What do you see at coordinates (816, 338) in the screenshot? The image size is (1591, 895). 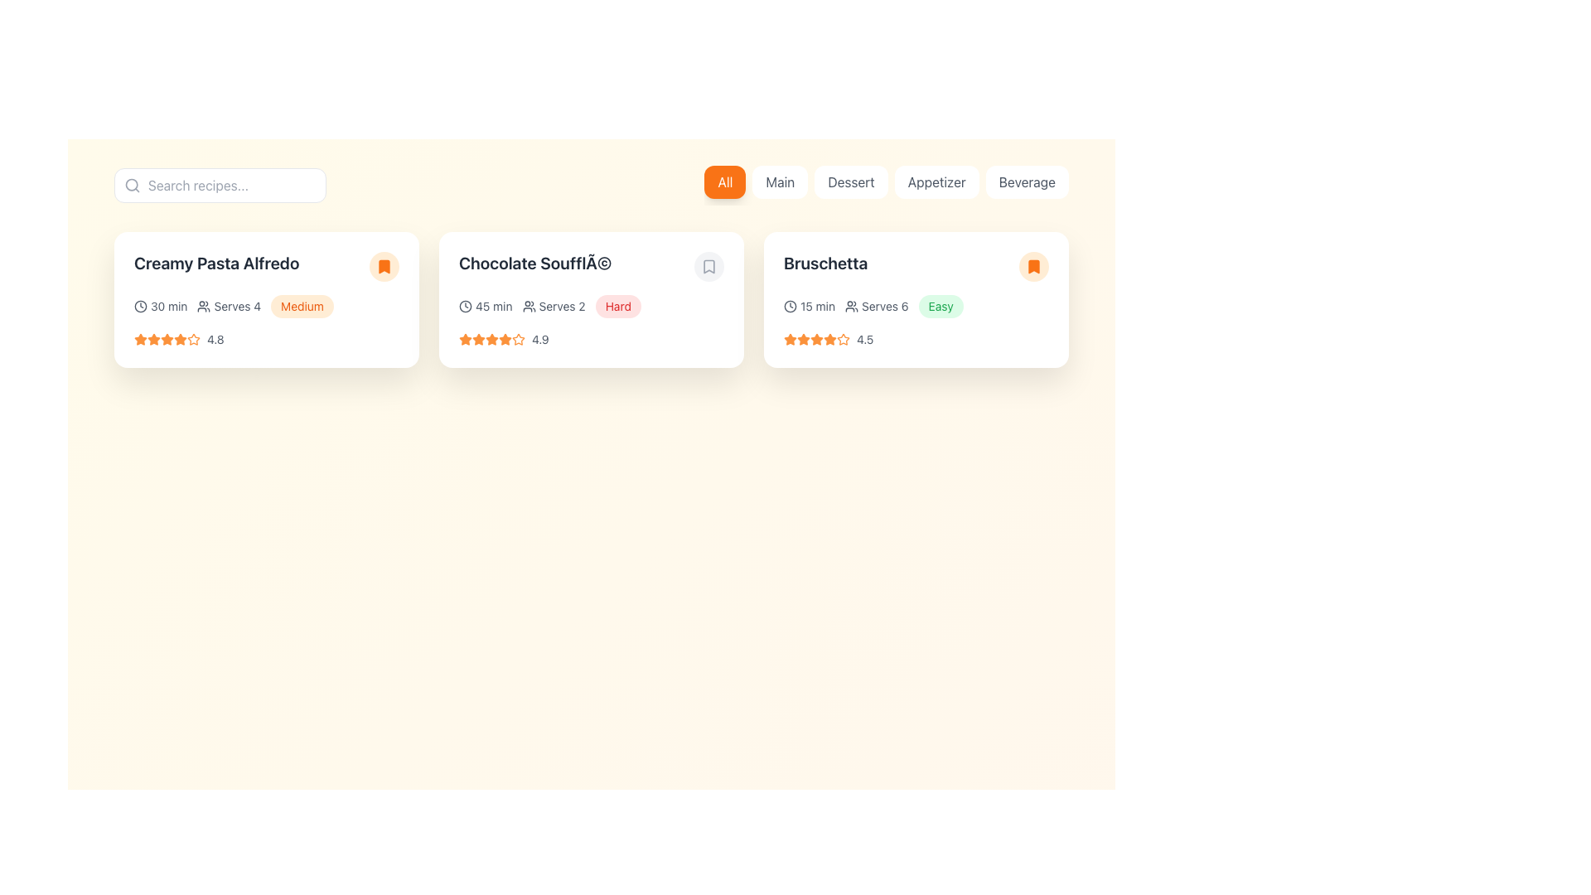 I see `the fifth star rating icon for the 'Bruschetta' card located in the rightmost column of the interface` at bounding box center [816, 338].